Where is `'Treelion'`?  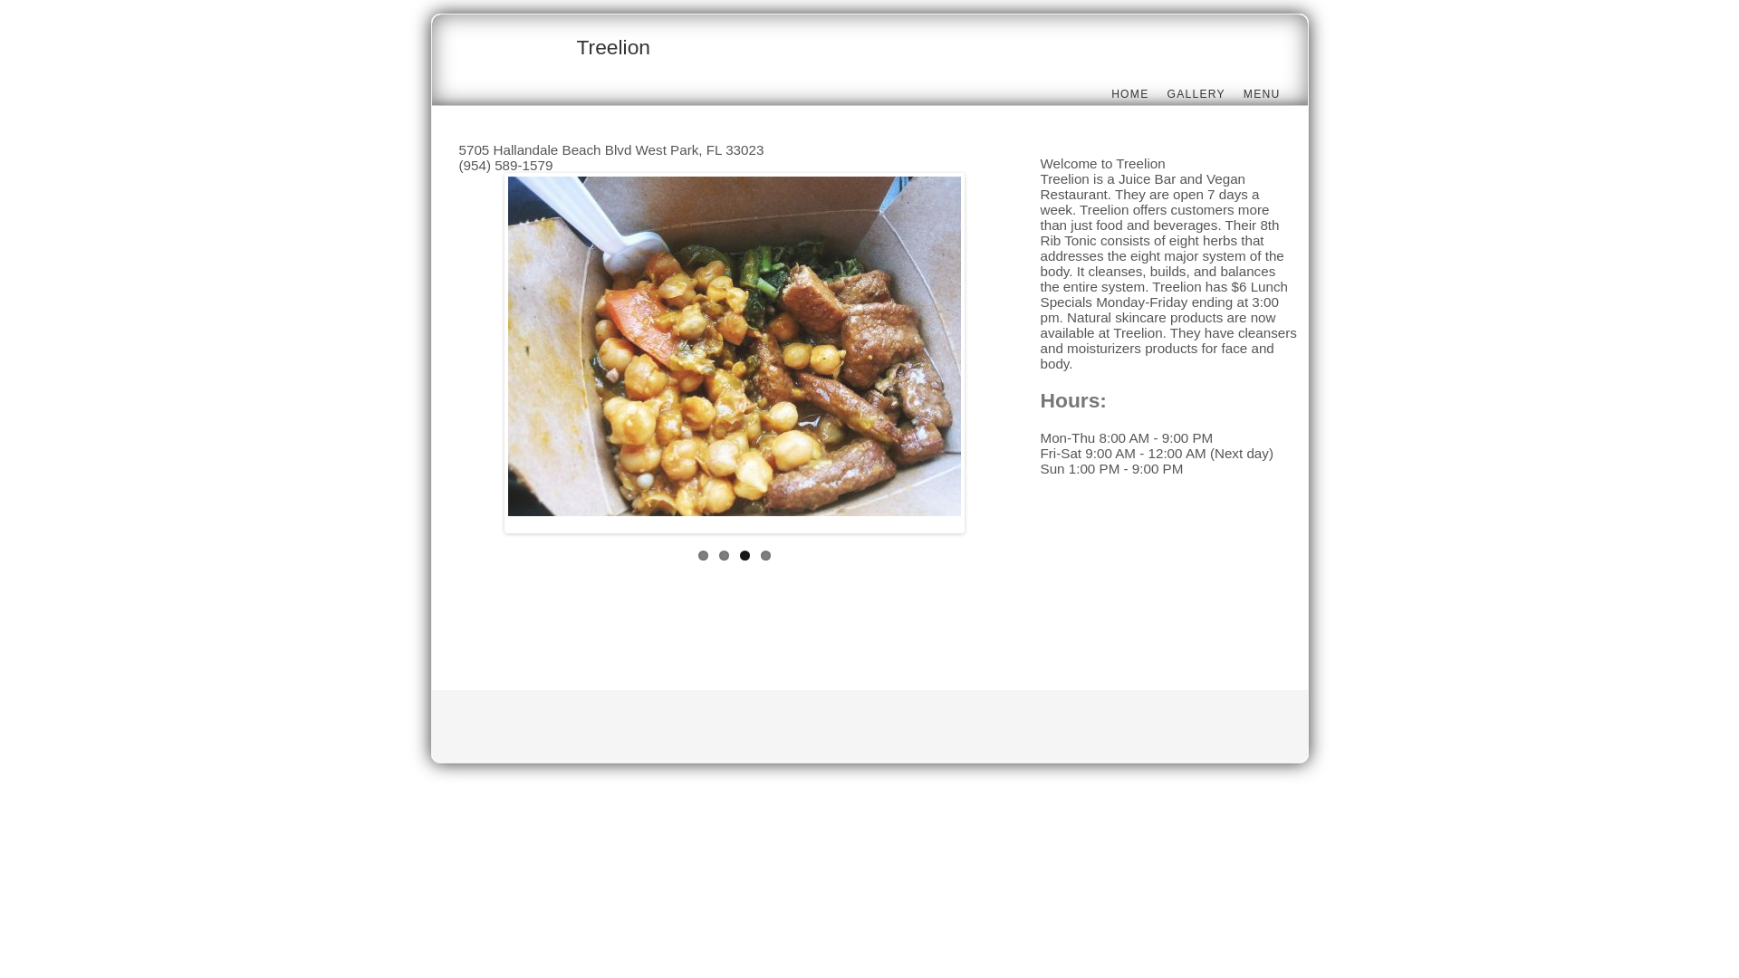
'Treelion' is located at coordinates (612, 45).